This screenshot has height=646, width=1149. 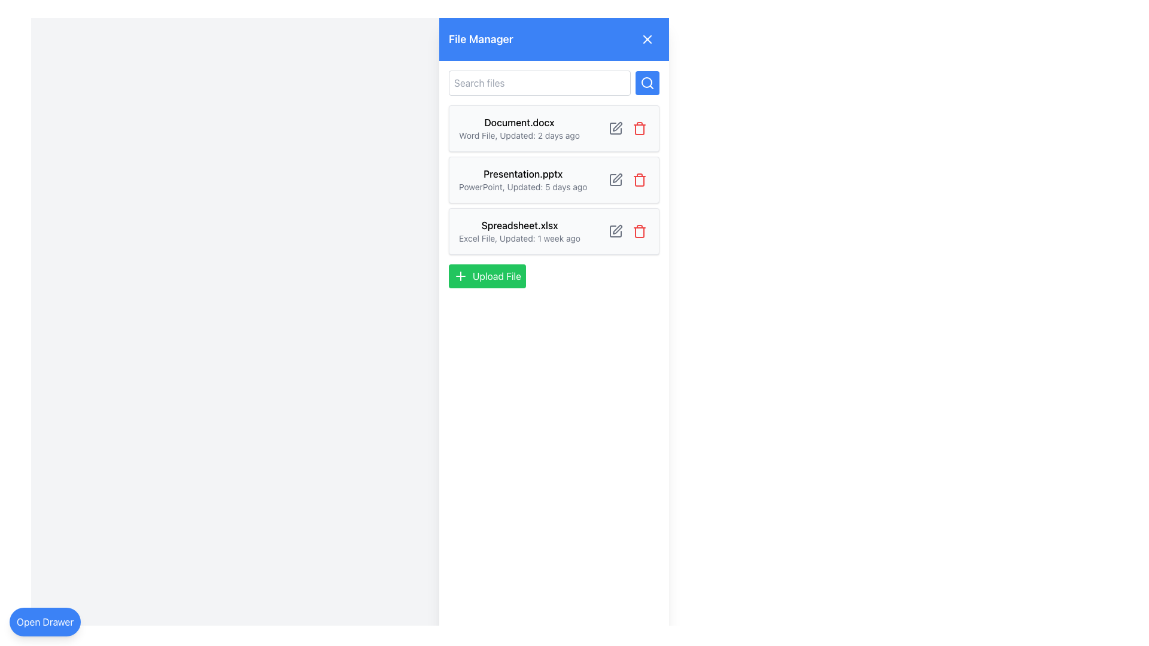 I want to click on the trash icon located to the far-right of the 'Spreadsheet.xlsx' file entry in the file manager interface, so click(x=639, y=233).